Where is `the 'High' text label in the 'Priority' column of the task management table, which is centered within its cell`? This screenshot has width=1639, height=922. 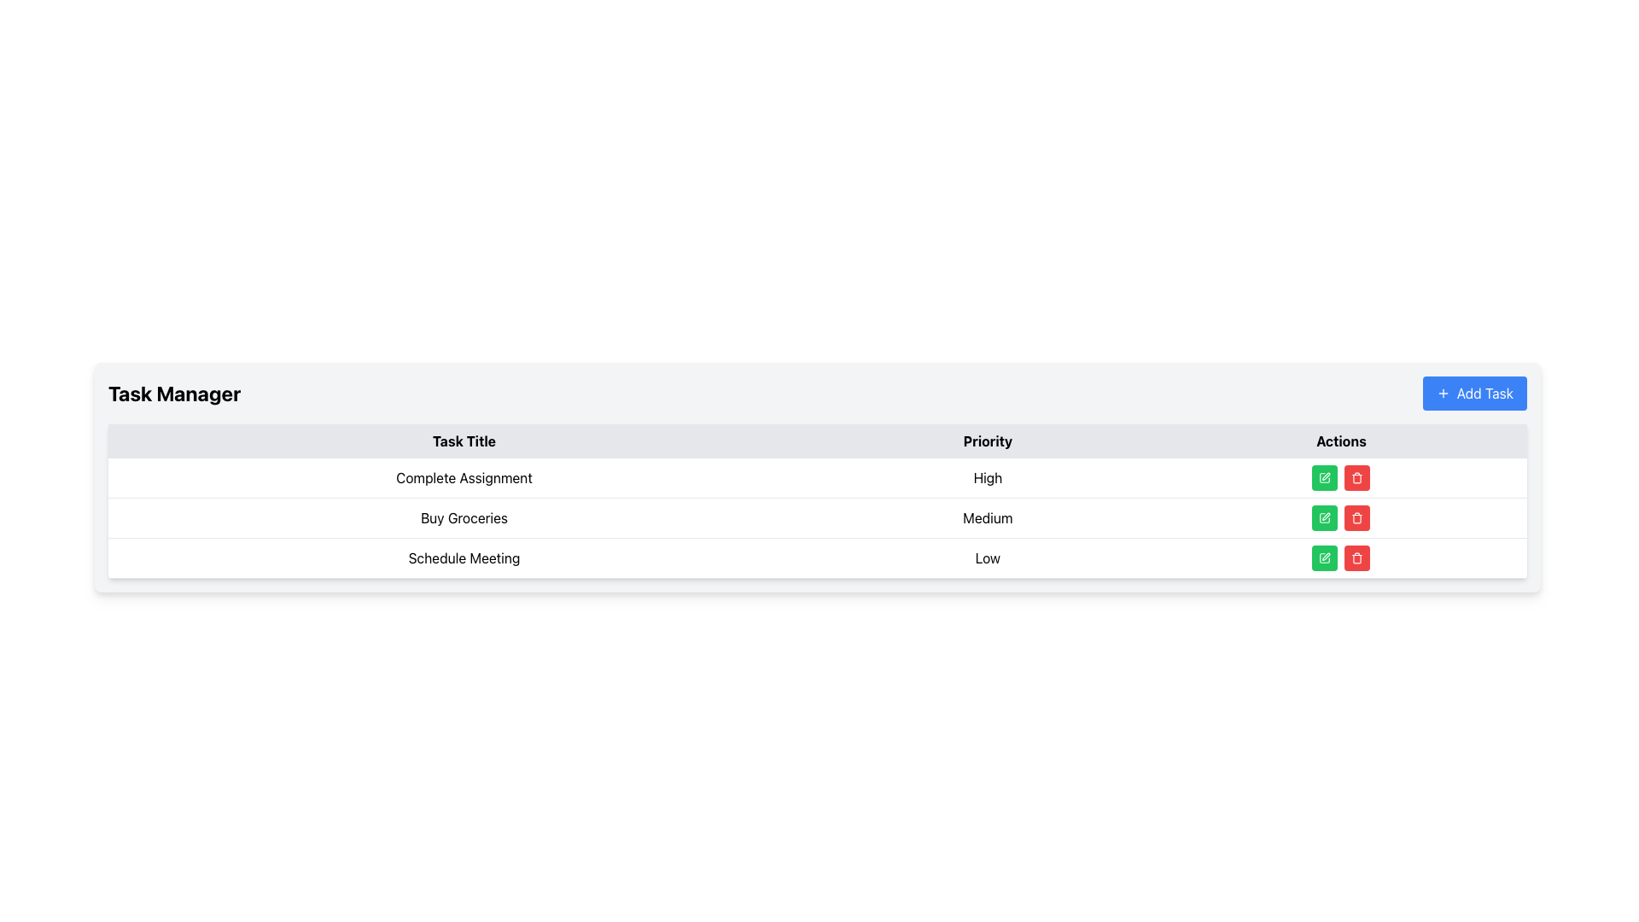
the 'High' text label in the 'Priority' column of the task management table, which is centered within its cell is located at coordinates (988, 478).